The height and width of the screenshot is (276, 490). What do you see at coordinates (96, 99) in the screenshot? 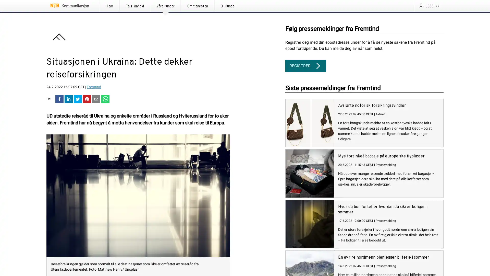
I see `email` at bounding box center [96, 99].